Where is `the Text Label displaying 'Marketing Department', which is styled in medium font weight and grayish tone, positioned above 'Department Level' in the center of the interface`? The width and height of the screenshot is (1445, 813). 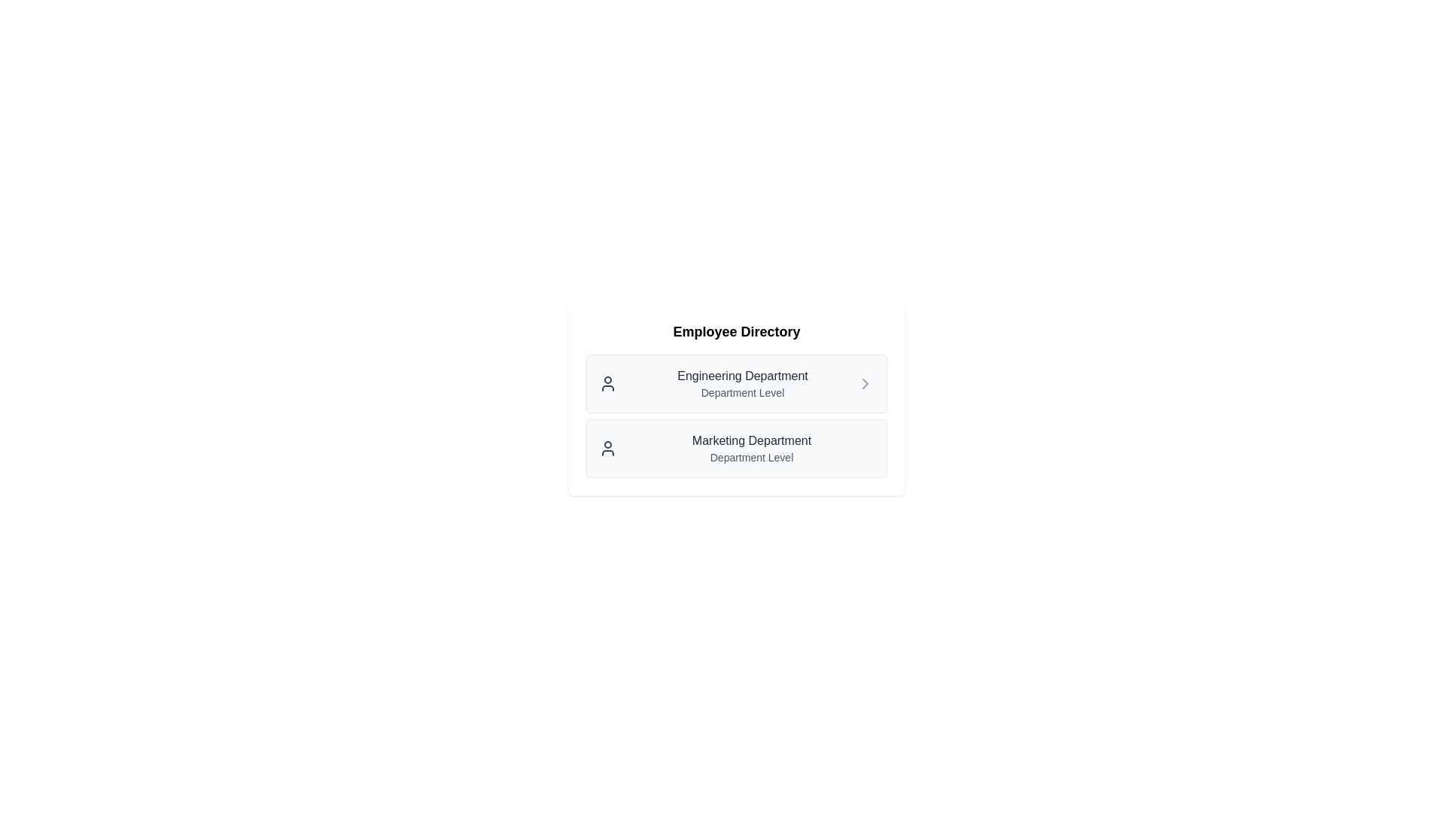 the Text Label displaying 'Marketing Department', which is styled in medium font weight and grayish tone, positioned above 'Department Level' in the center of the interface is located at coordinates (751, 440).